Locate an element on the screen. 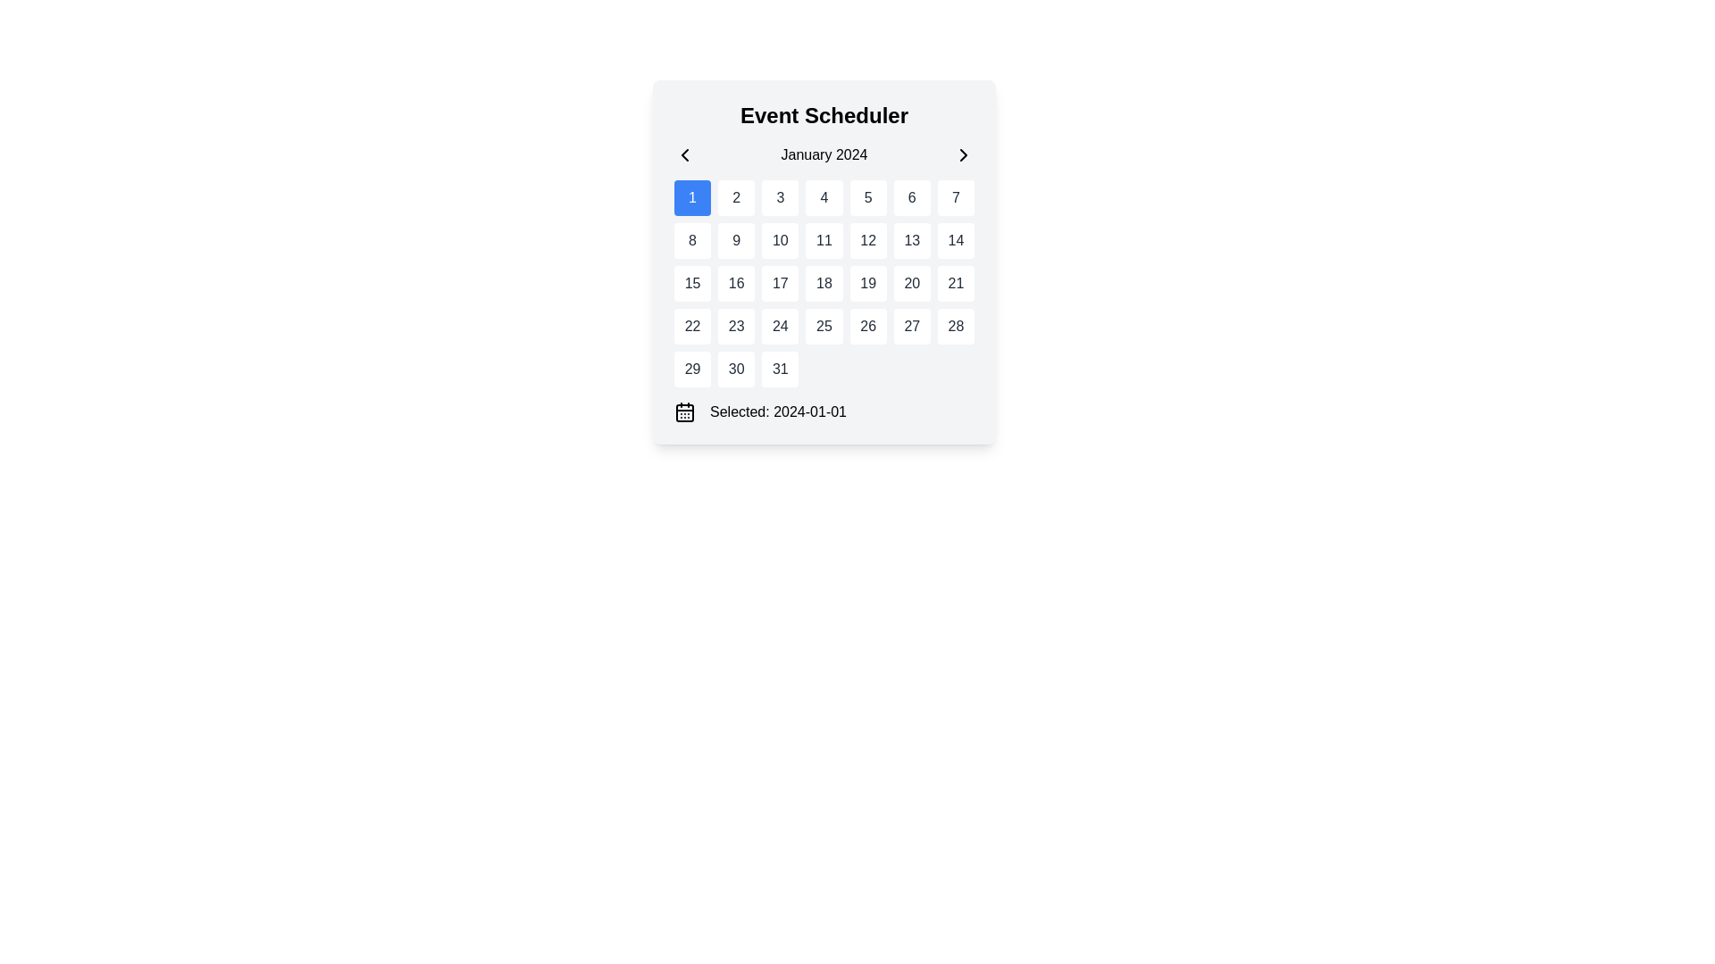 This screenshot has width=1715, height=964. the button-like calendar date representation for the date '17' located in the third row and third column of the calendar grid is located at coordinates (780, 282).